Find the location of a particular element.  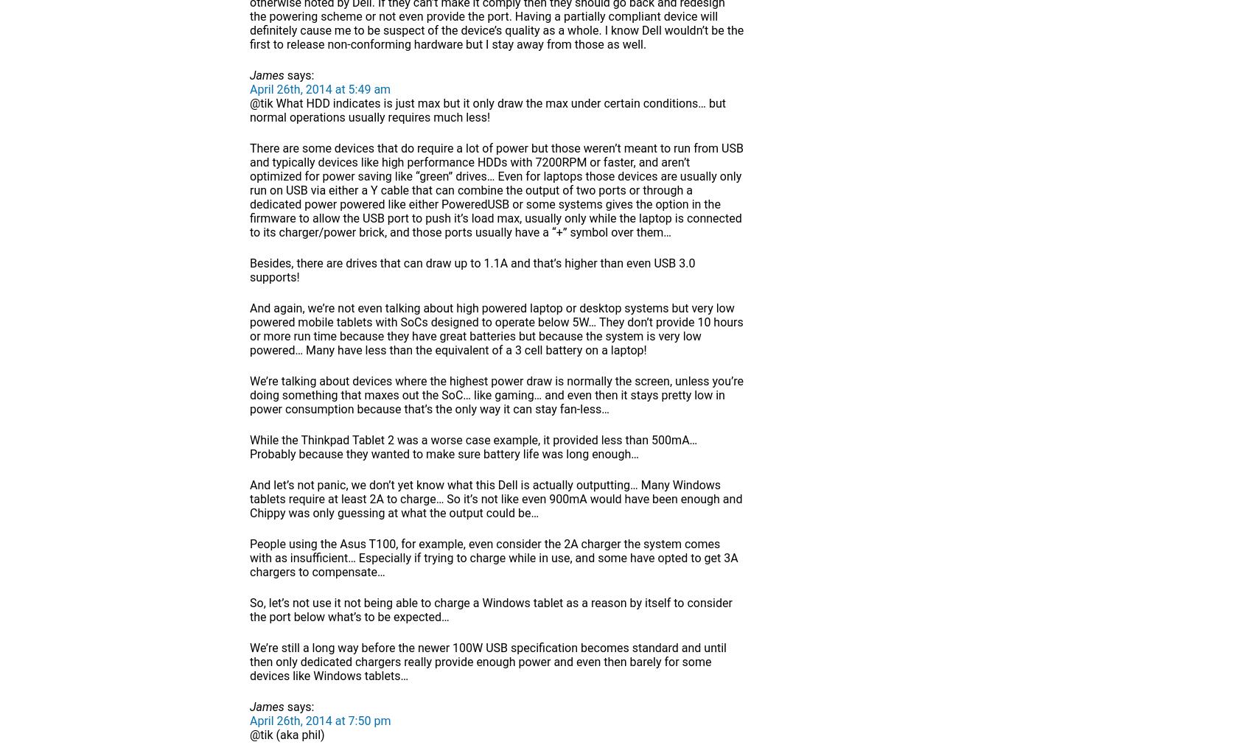

'So, let’s not use it not being able to charge a Windows tablet as a reason by itself to consider the port below what’s to be expected…' is located at coordinates (490, 609).